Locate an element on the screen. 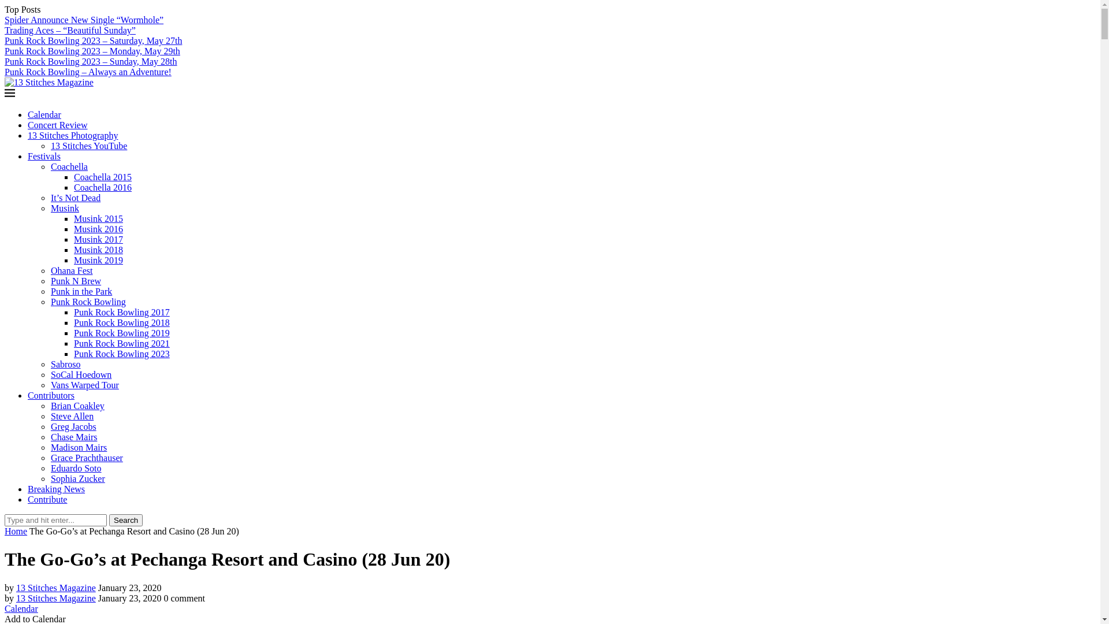 The image size is (1109, 624). 'Punk Rock Bowling 2019' is located at coordinates (122, 333).